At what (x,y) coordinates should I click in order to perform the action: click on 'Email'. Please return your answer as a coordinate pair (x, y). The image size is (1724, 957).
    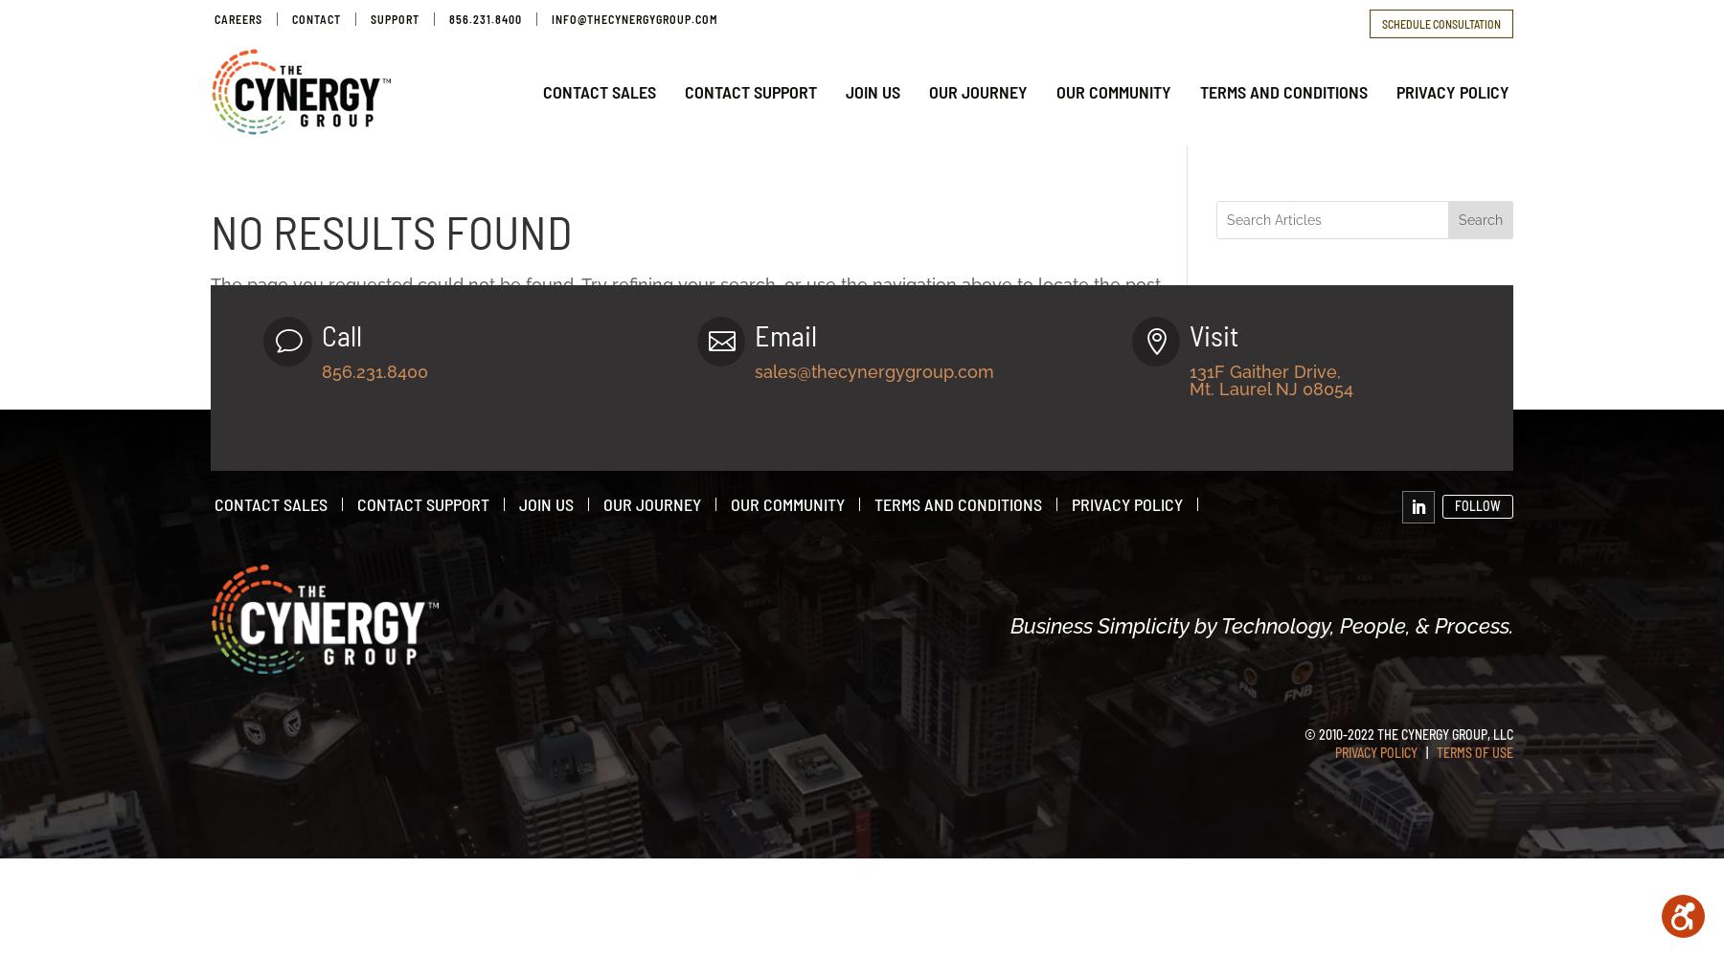
    Looking at the image, I should click on (785, 334).